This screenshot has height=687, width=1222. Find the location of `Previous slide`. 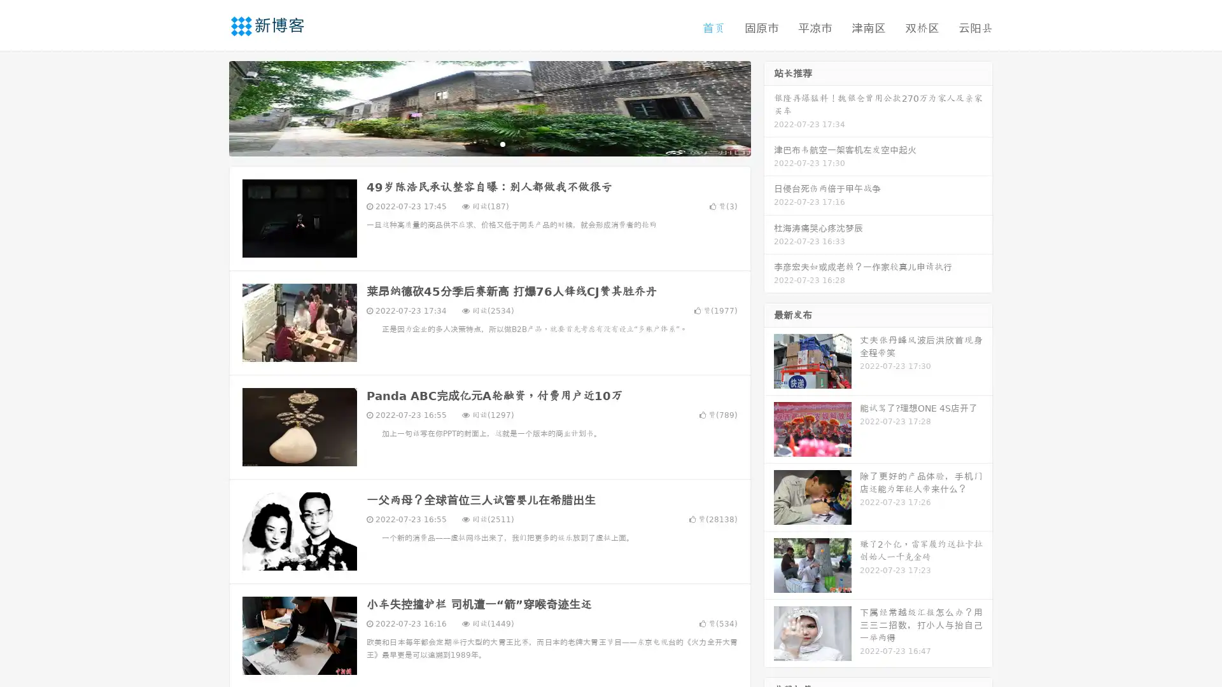

Previous slide is located at coordinates (210, 107).